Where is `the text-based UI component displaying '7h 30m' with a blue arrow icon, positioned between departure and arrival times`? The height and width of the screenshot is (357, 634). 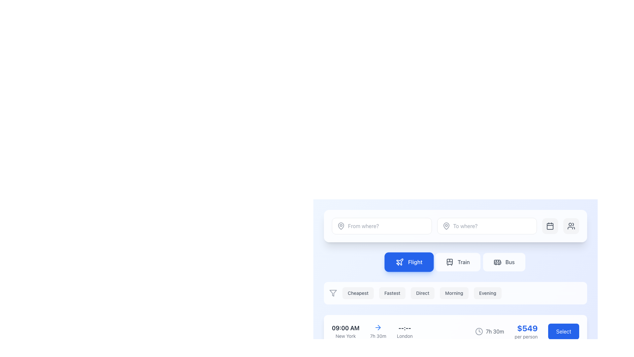 the text-based UI component displaying '7h 30m' with a blue arrow icon, positioned between departure and arrival times is located at coordinates (378, 331).